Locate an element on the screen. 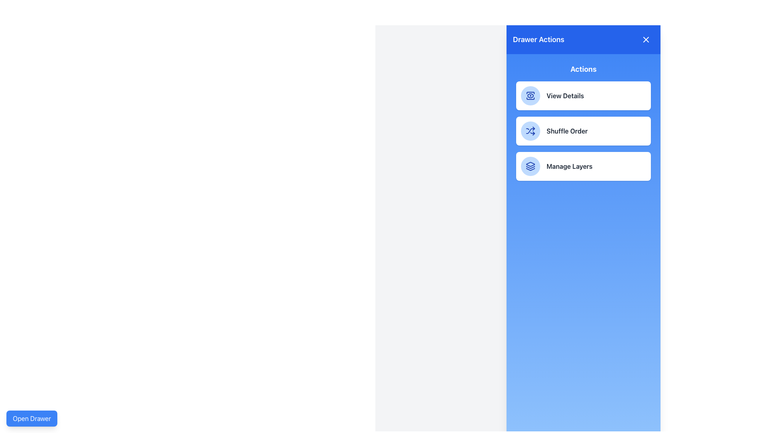 This screenshot has height=433, width=770. the shuffle icon button located in the second option of the 'Actions' section in the 'Drawer Actions' panel to initiate the shuffle action is located at coordinates (531, 131).